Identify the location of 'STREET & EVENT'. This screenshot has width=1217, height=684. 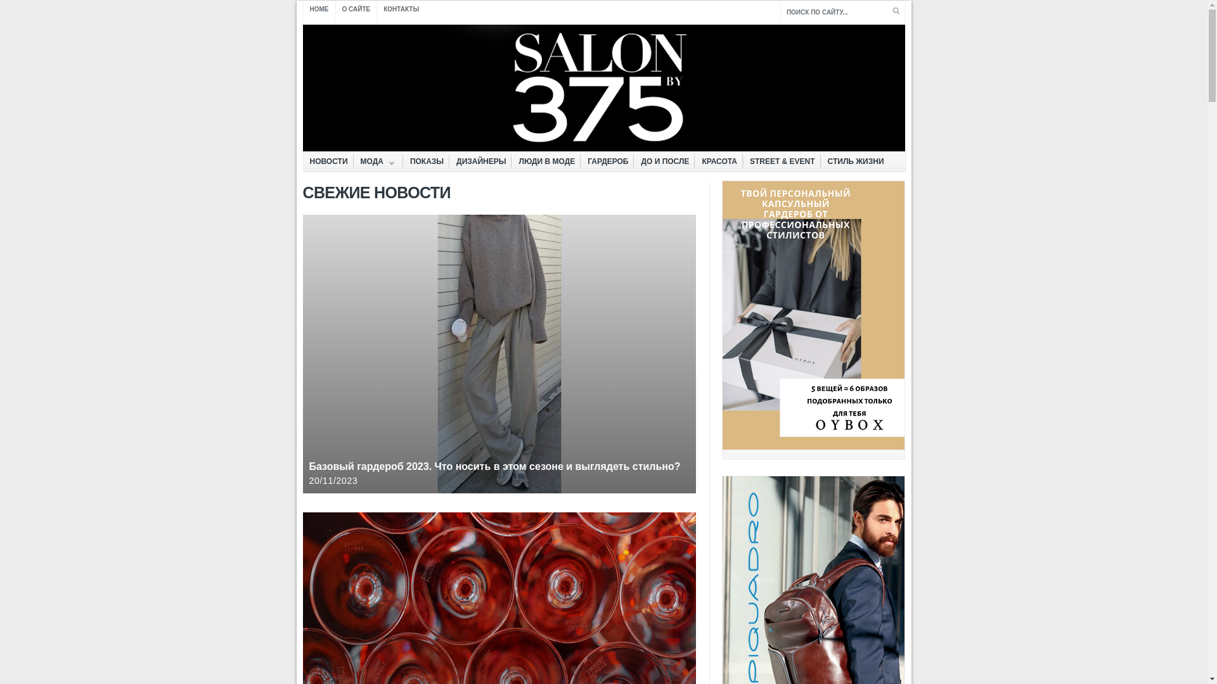
(782, 161).